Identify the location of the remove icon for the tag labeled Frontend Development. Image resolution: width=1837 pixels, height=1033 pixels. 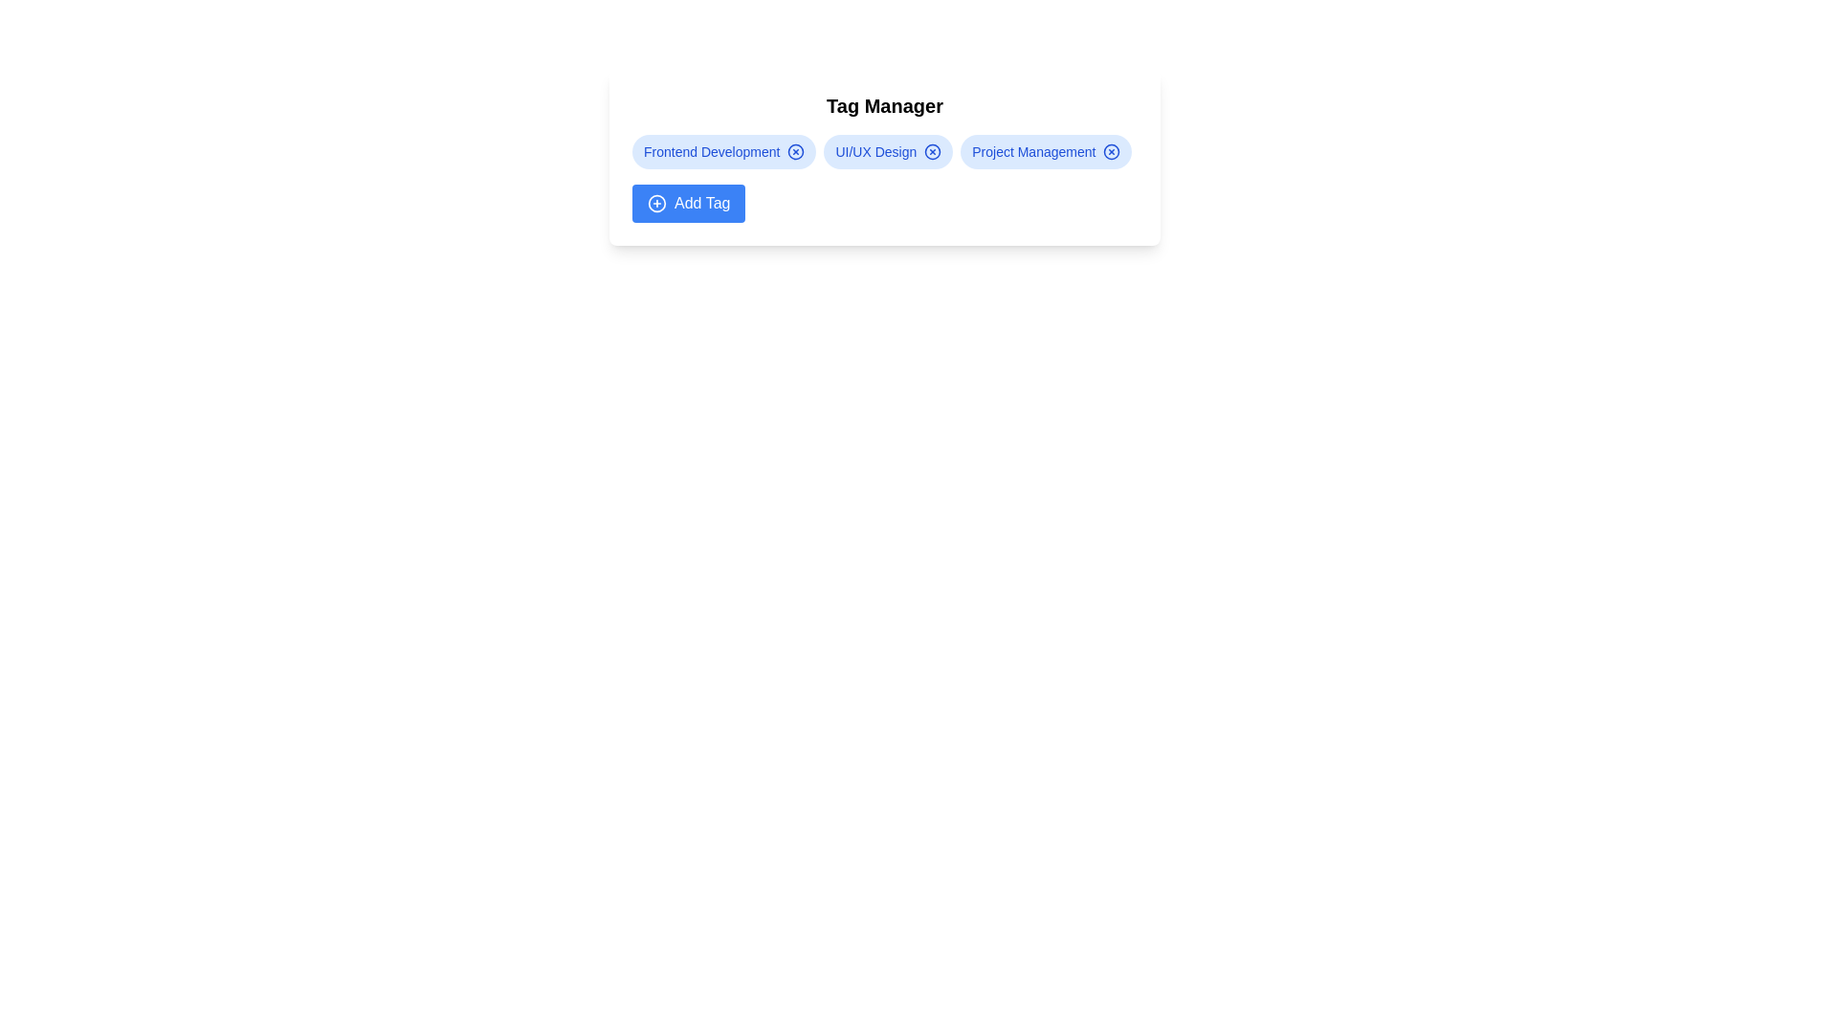
(796, 150).